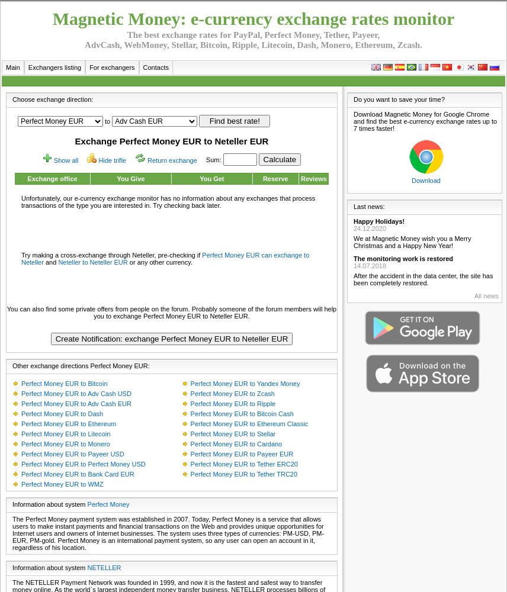 The image size is (507, 592). What do you see at coordinates (403, 259) in the screenshot?
I see `'The monitoring work is restored'` at bounding box center [403, 259].